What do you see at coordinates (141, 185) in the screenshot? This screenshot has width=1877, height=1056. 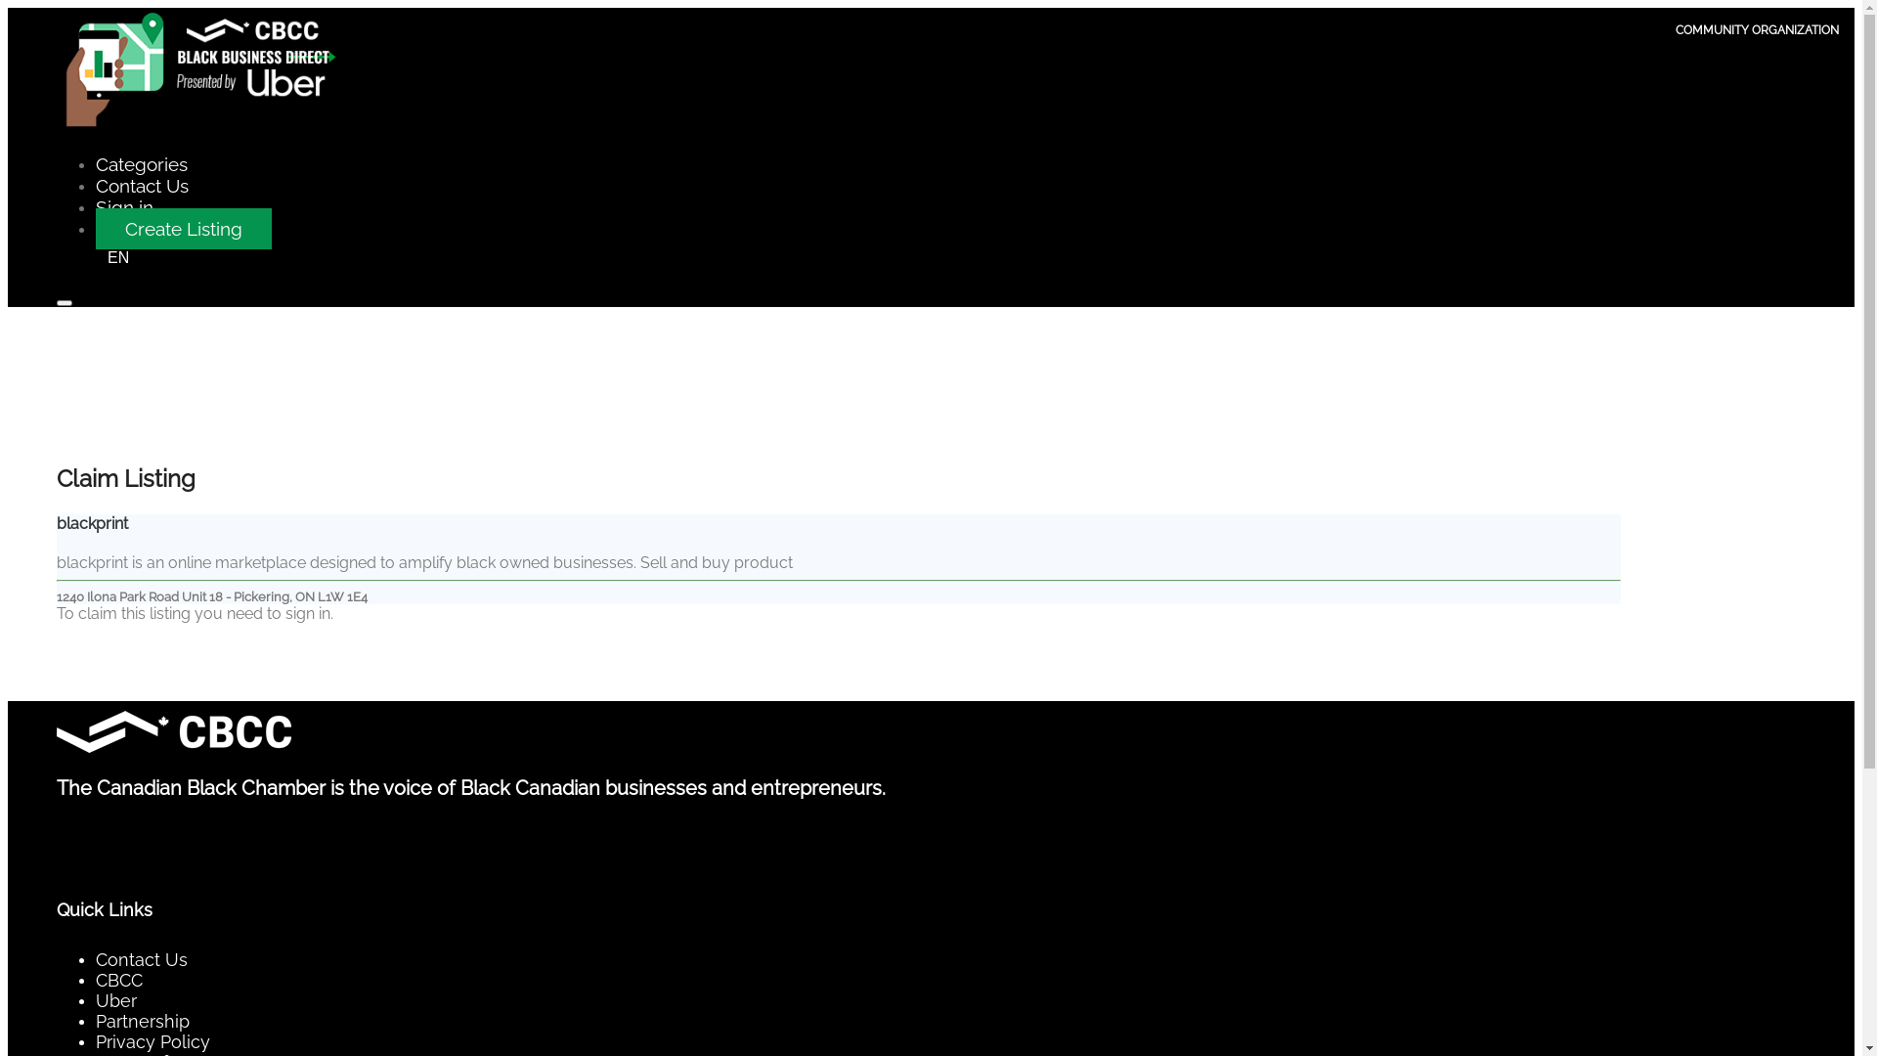 I see `'Contact Us'` at bounding box center [141, 185].